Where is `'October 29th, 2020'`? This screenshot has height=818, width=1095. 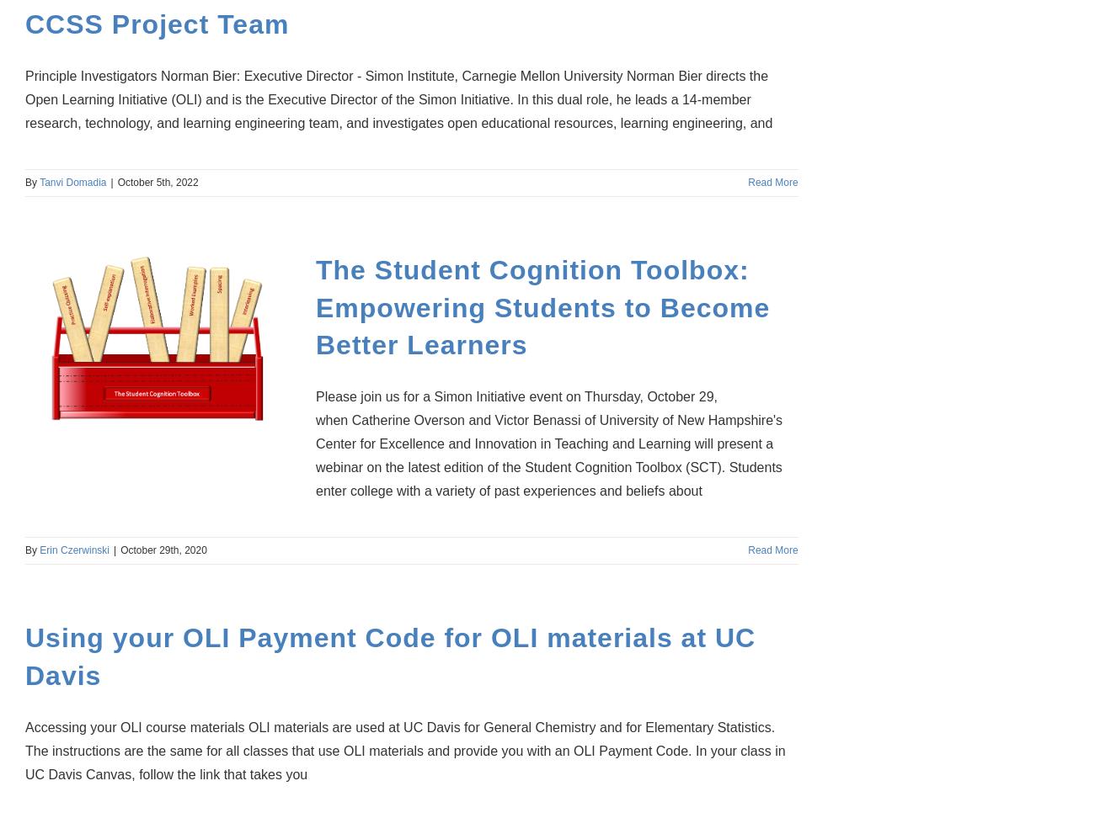 'October 29th, 2020' is located at coordinates (163, 550).